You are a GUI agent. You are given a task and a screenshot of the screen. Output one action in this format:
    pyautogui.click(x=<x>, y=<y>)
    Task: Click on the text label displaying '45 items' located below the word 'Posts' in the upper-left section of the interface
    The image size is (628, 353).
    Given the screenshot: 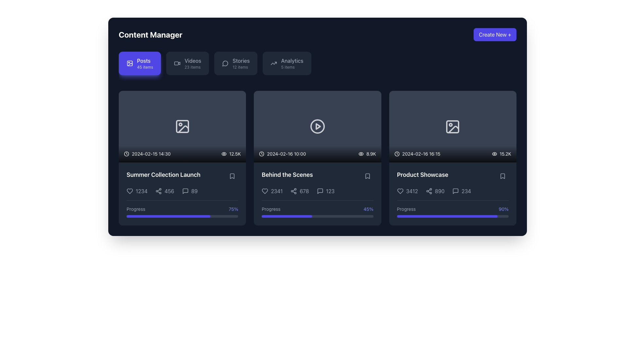 What is the action you would take?
    pyautogui.click(x=145, y=67)
    